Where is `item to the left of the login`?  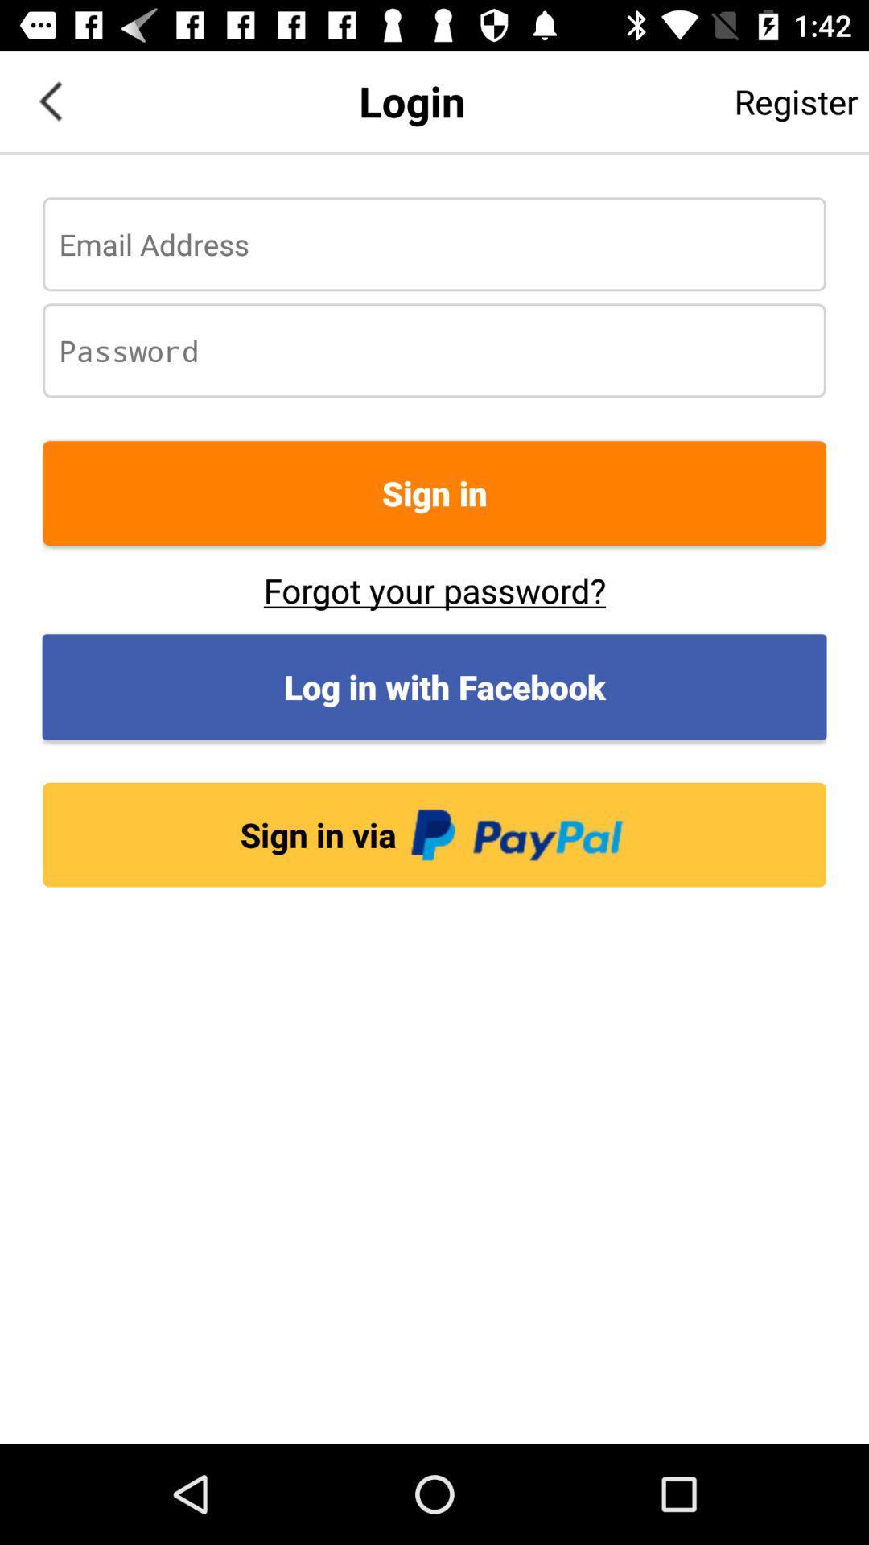
item to the left of the login is located at coordinates (49, 100).